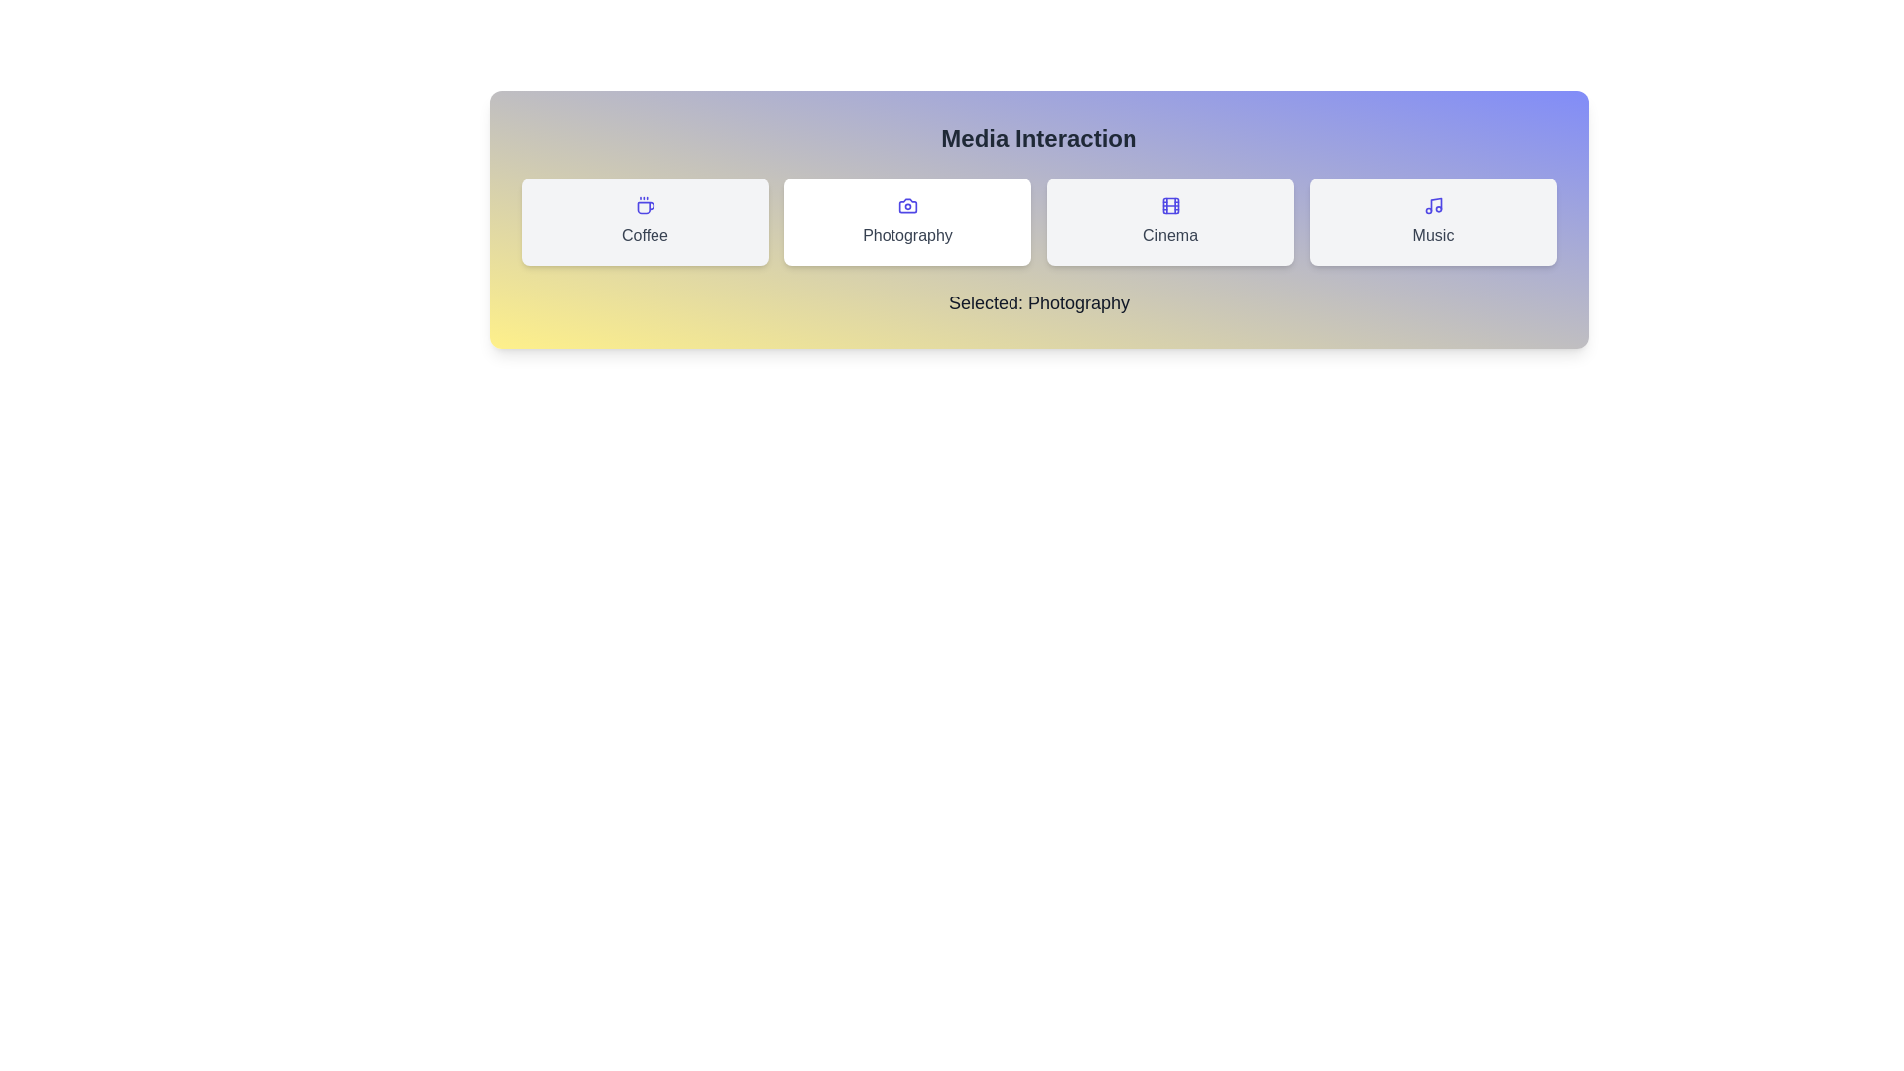 Image resolution: width=1904 pixels, height=1071 pixels. I want to click on the text label that describes the 'Coffee' category, which is positioned below the corresponding icon in its card, so click(645, 235).